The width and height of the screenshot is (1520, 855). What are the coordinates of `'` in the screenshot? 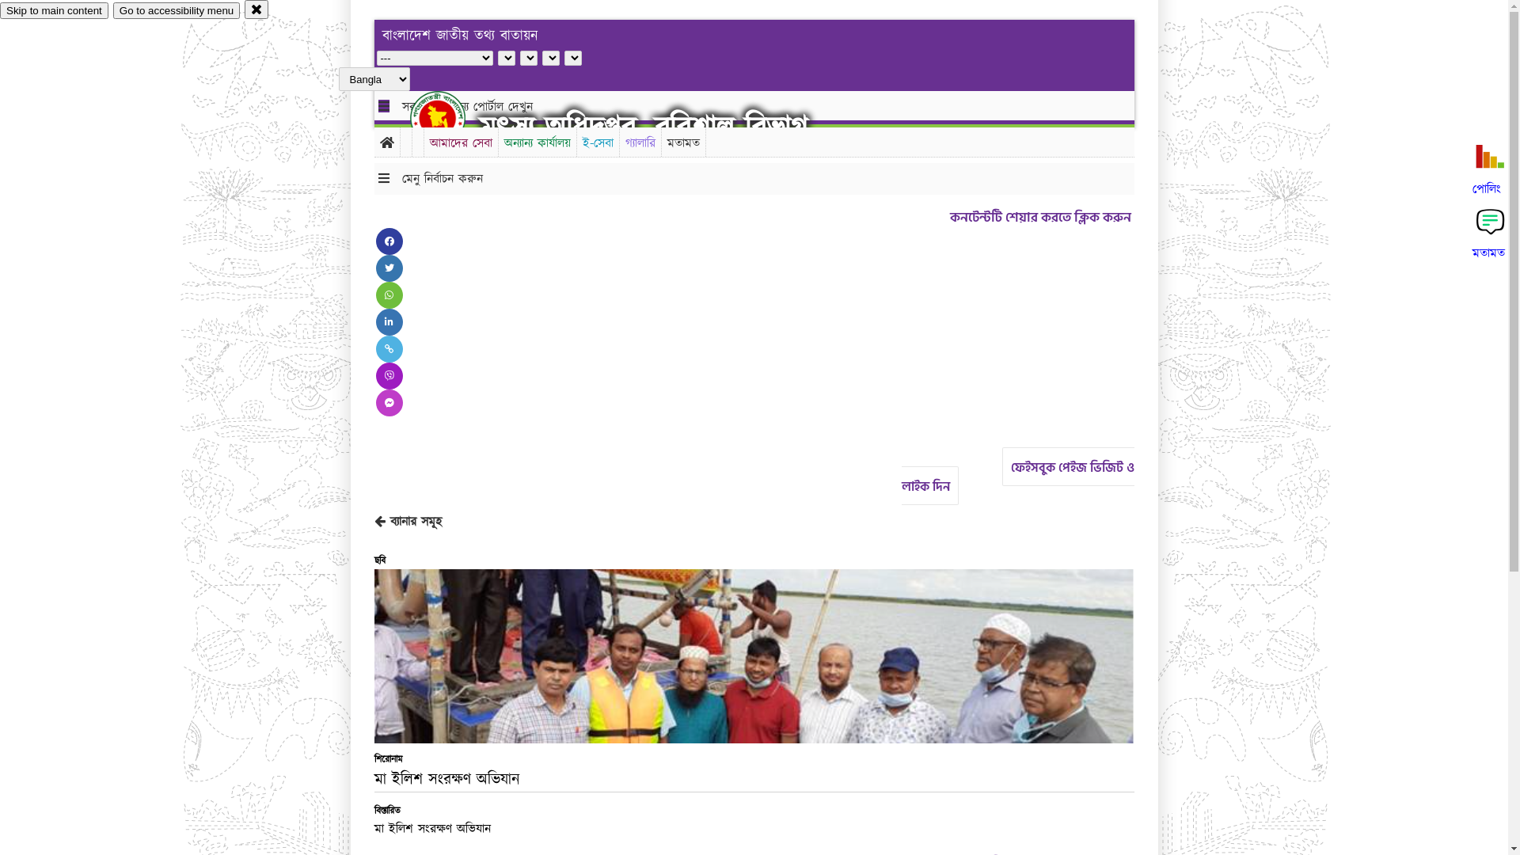 It's located at (450, 117).